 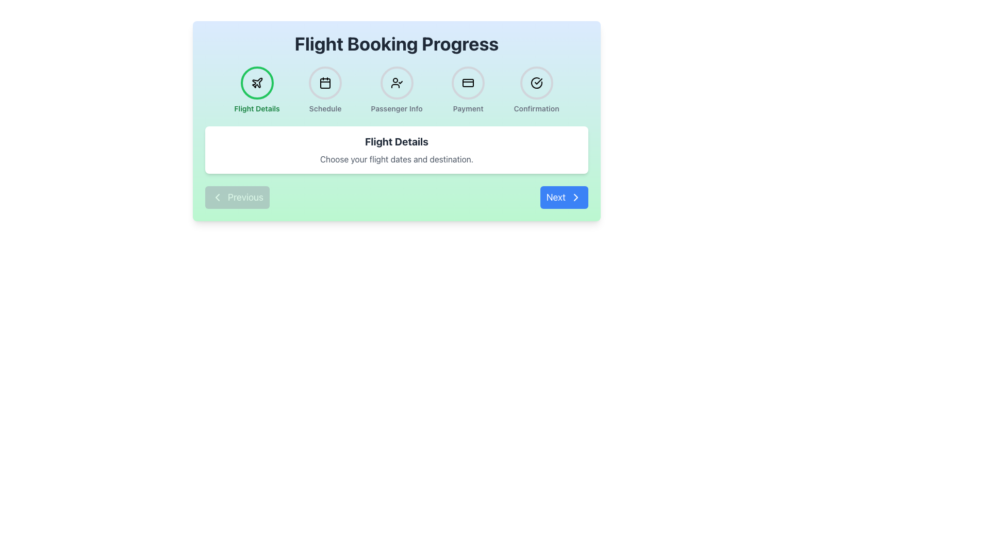 I want to click on the 'Schedule' button, which features a calendar icon with a gray border and the text 'Schedule' below it, so click(x=325, y=89).